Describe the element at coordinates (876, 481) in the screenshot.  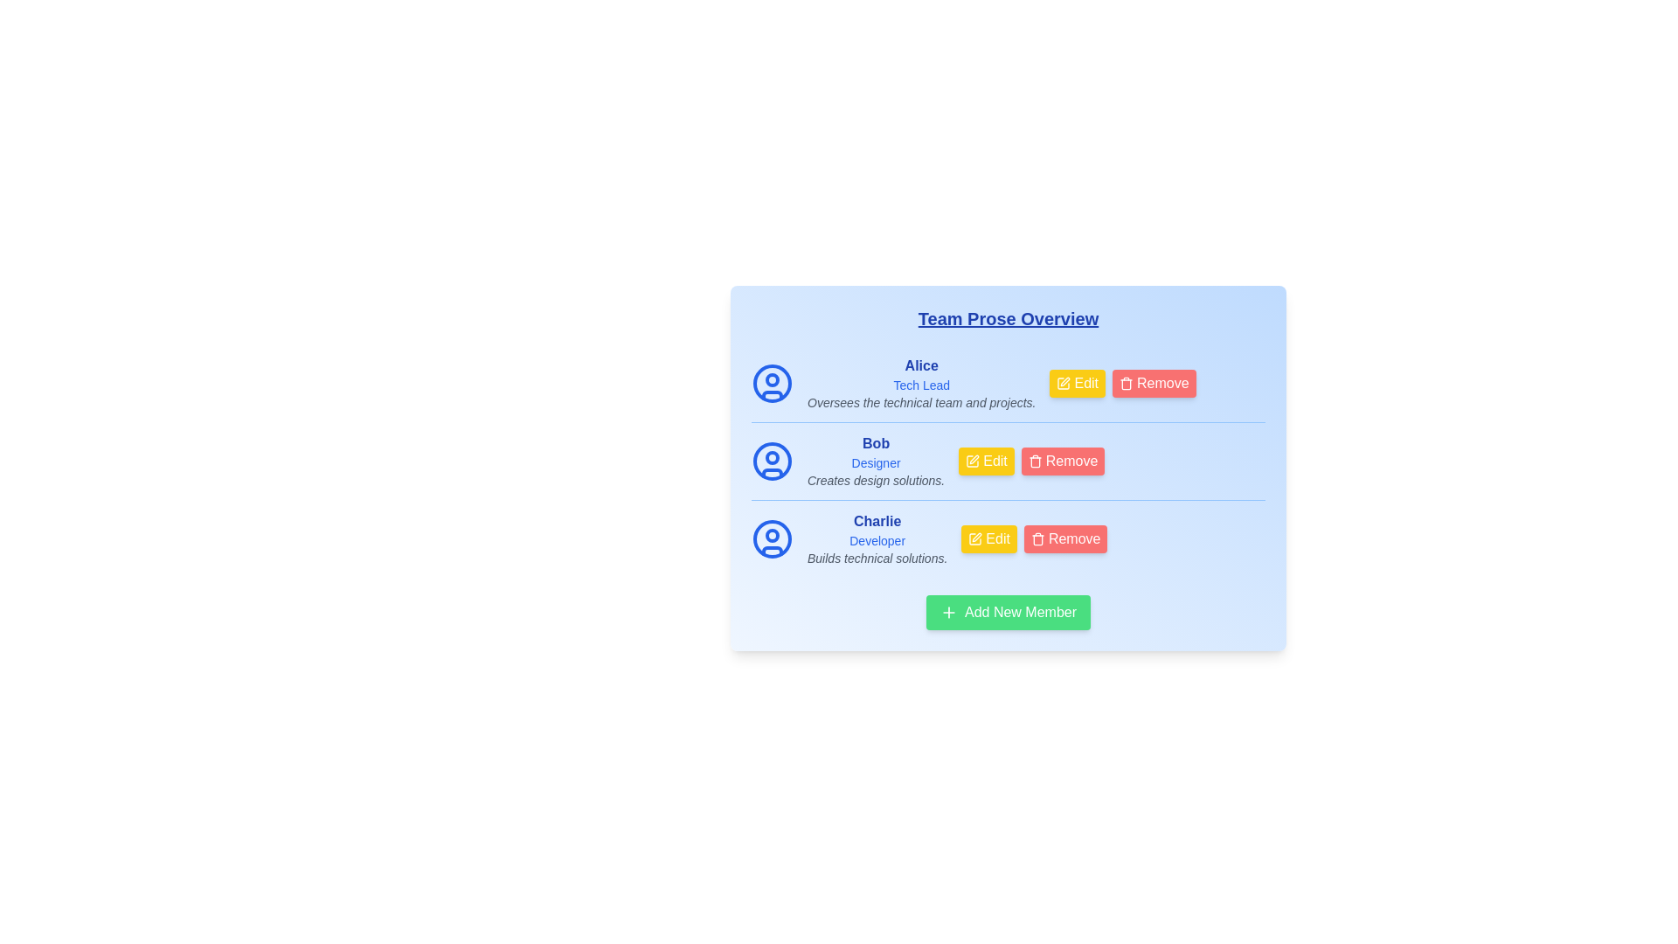
I see `the static text label describing details about 'Bob,' the Designer, located under his name in the second row of the team profiles` at that location.